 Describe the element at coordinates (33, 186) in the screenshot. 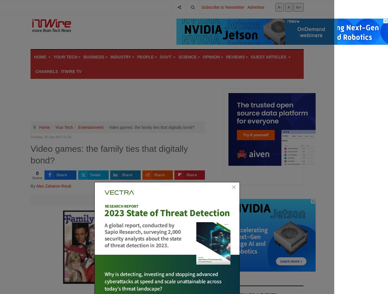

I see `'By'` at that location.